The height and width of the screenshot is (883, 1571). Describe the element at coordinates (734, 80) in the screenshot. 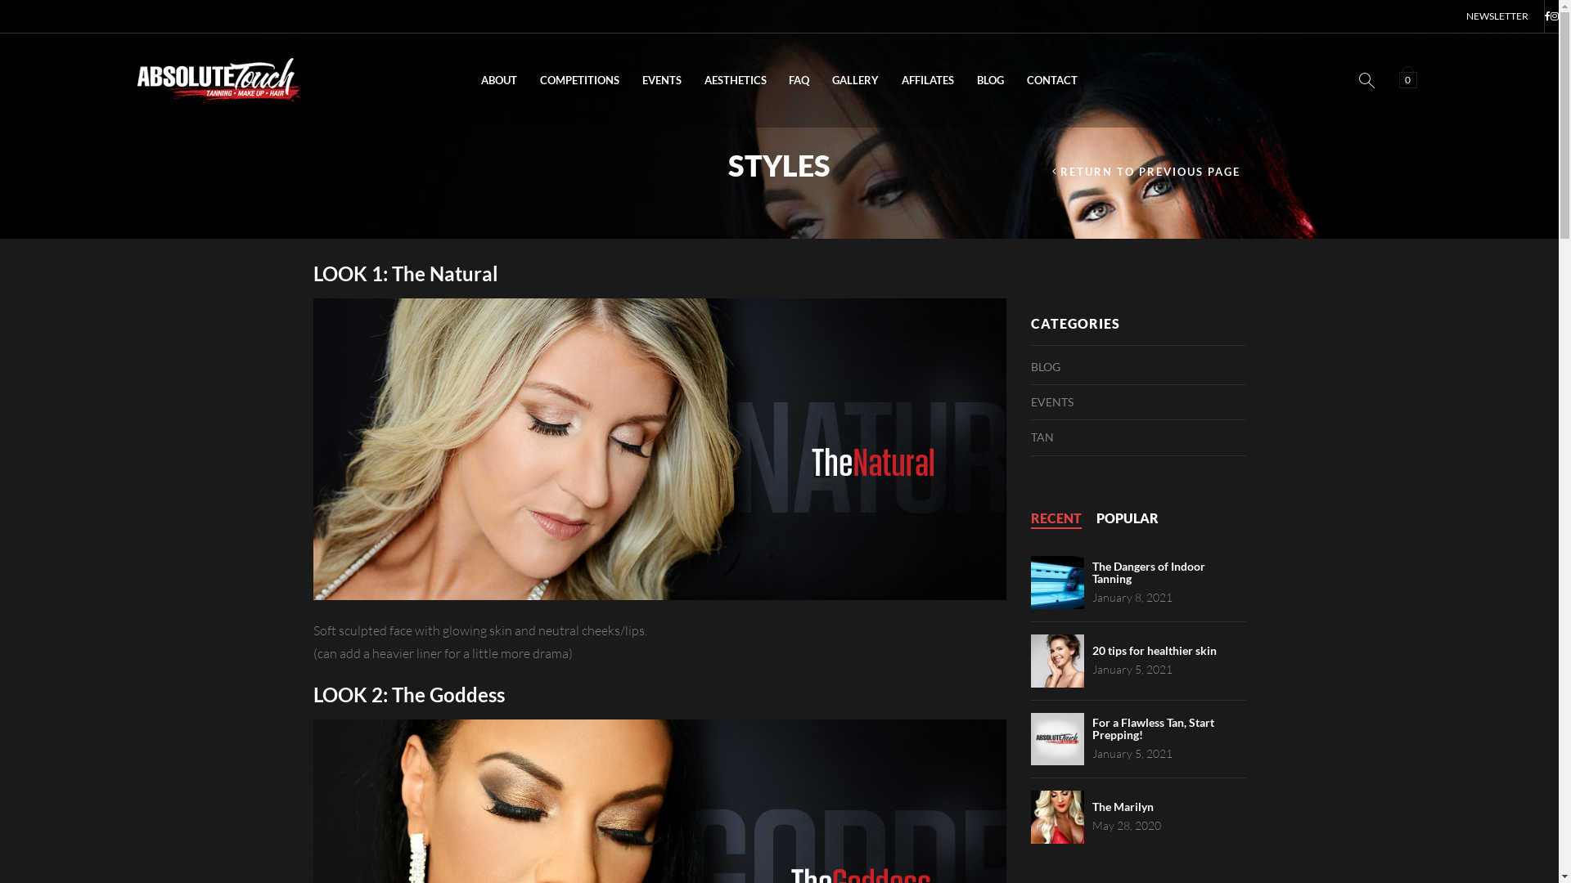

I see `'AESTHETICS'` at that location.